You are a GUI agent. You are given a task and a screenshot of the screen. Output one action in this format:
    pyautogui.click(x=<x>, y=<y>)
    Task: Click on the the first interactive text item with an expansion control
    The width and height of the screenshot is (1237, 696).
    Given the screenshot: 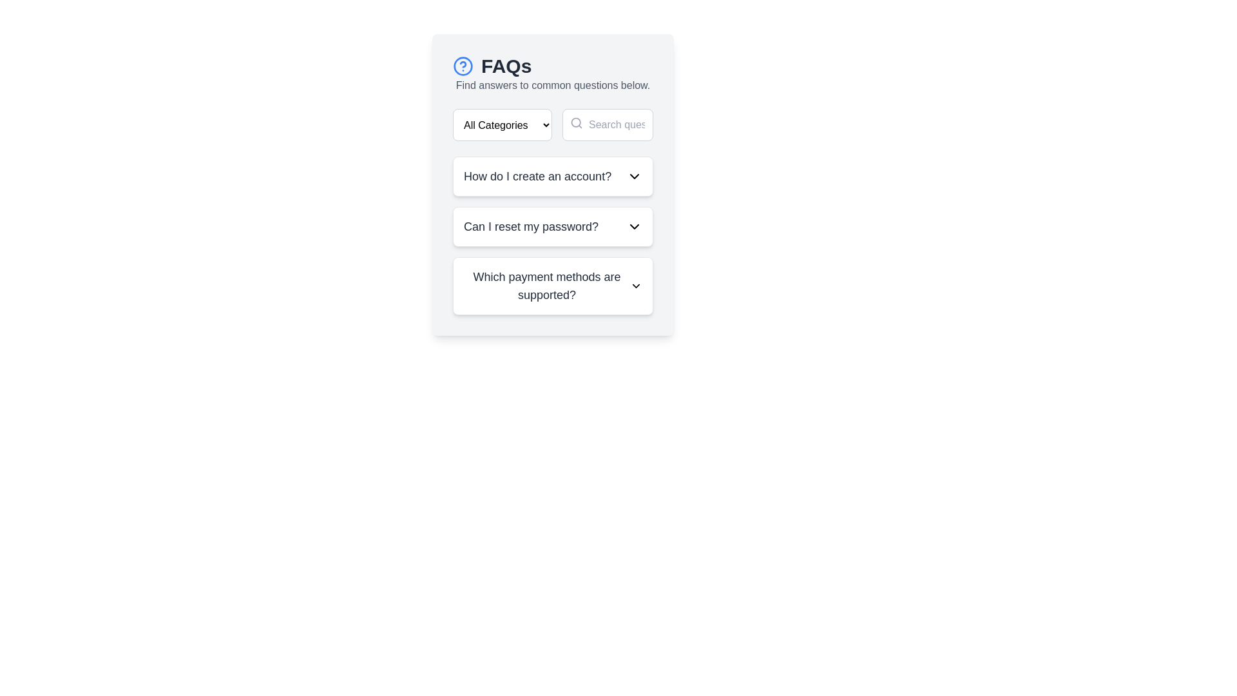 What is the action you would take?
    pyautogui.click(x=553, y=176)
    